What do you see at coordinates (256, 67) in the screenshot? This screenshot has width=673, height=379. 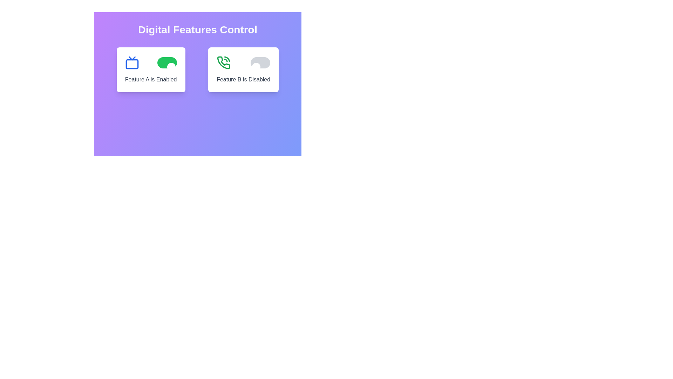 I see `the toggle knob of the switch component within the card labeled 'Feature B is Disabled'` at bounding box center [256, 67].